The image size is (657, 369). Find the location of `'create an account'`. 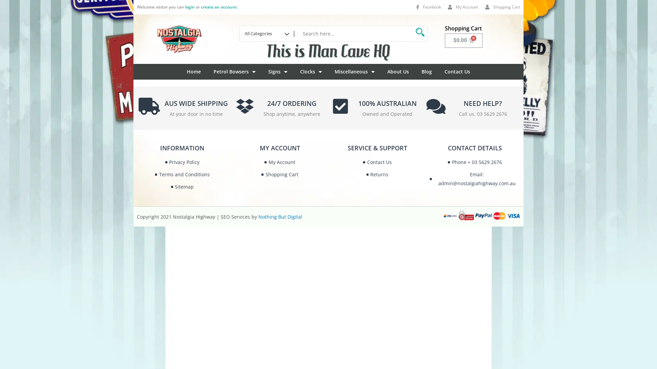

'create an account' is located at coordinates (218, 7).